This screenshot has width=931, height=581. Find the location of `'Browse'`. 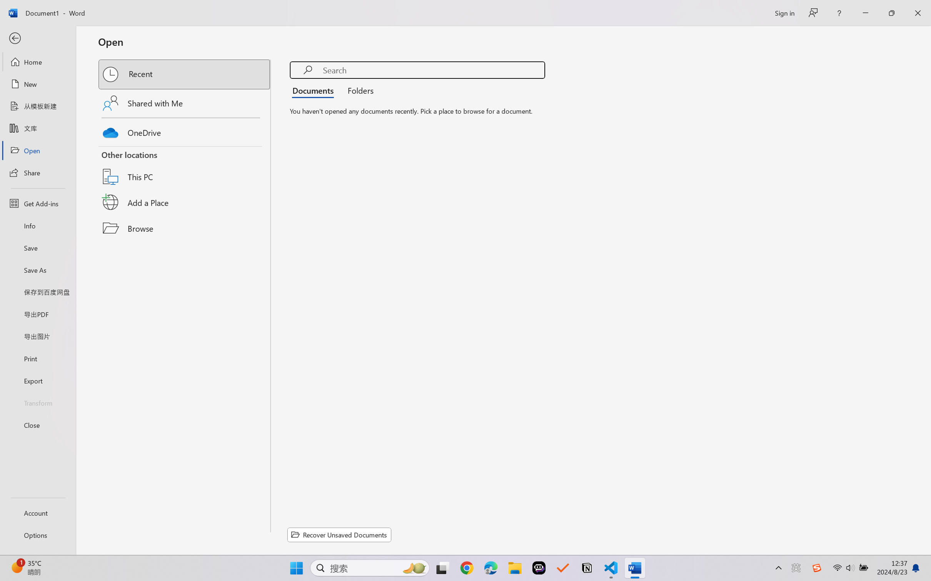

'Browse' is located at coordinates (185, 228).